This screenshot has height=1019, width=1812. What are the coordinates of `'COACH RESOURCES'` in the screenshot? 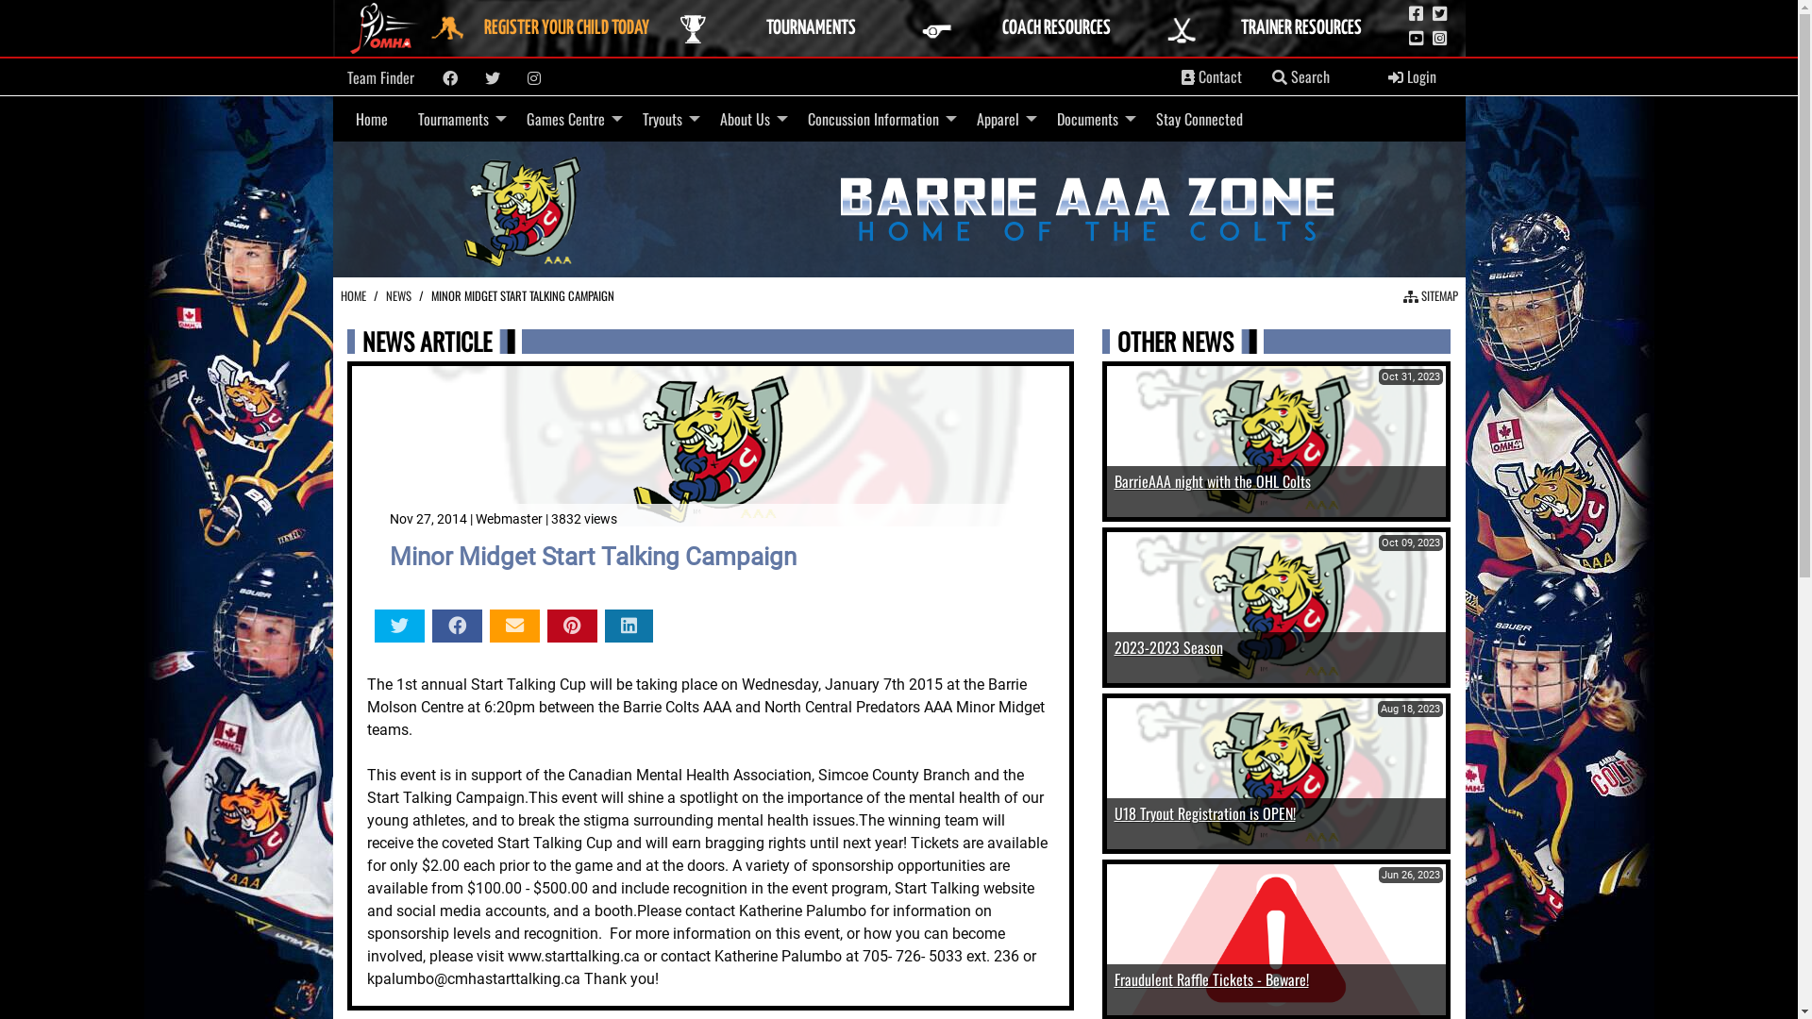 It's located at (1035, 28).